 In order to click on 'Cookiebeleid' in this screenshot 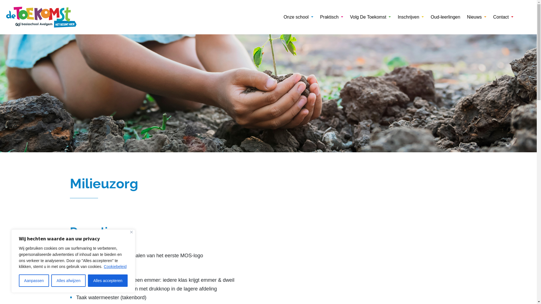, I will do `click(115, 266)`.